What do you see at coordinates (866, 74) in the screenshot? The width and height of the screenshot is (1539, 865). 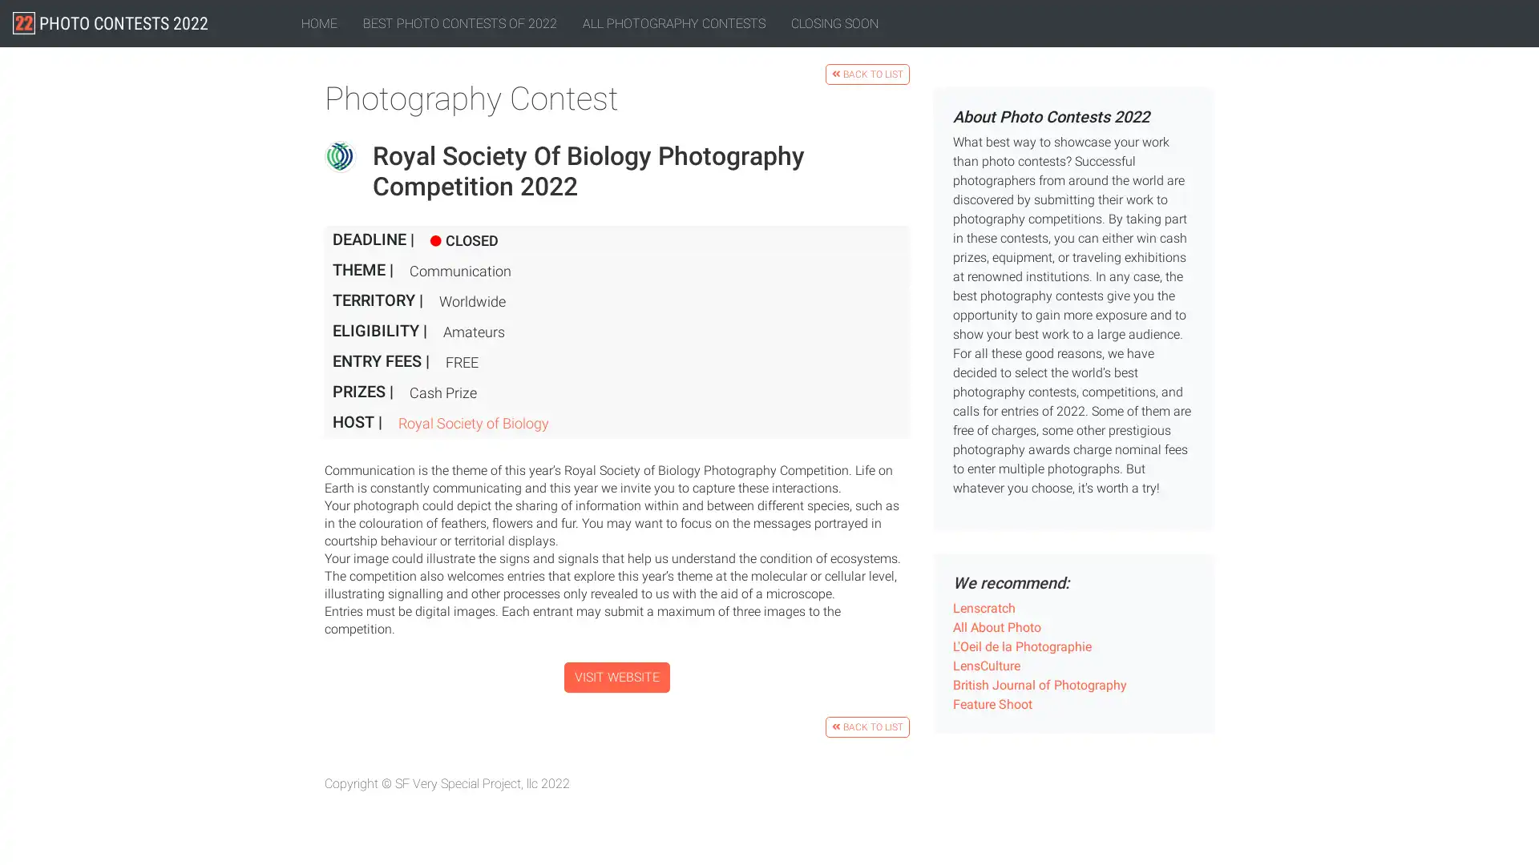 I see `BACK TO LIST` at bounding box center [866, 74].